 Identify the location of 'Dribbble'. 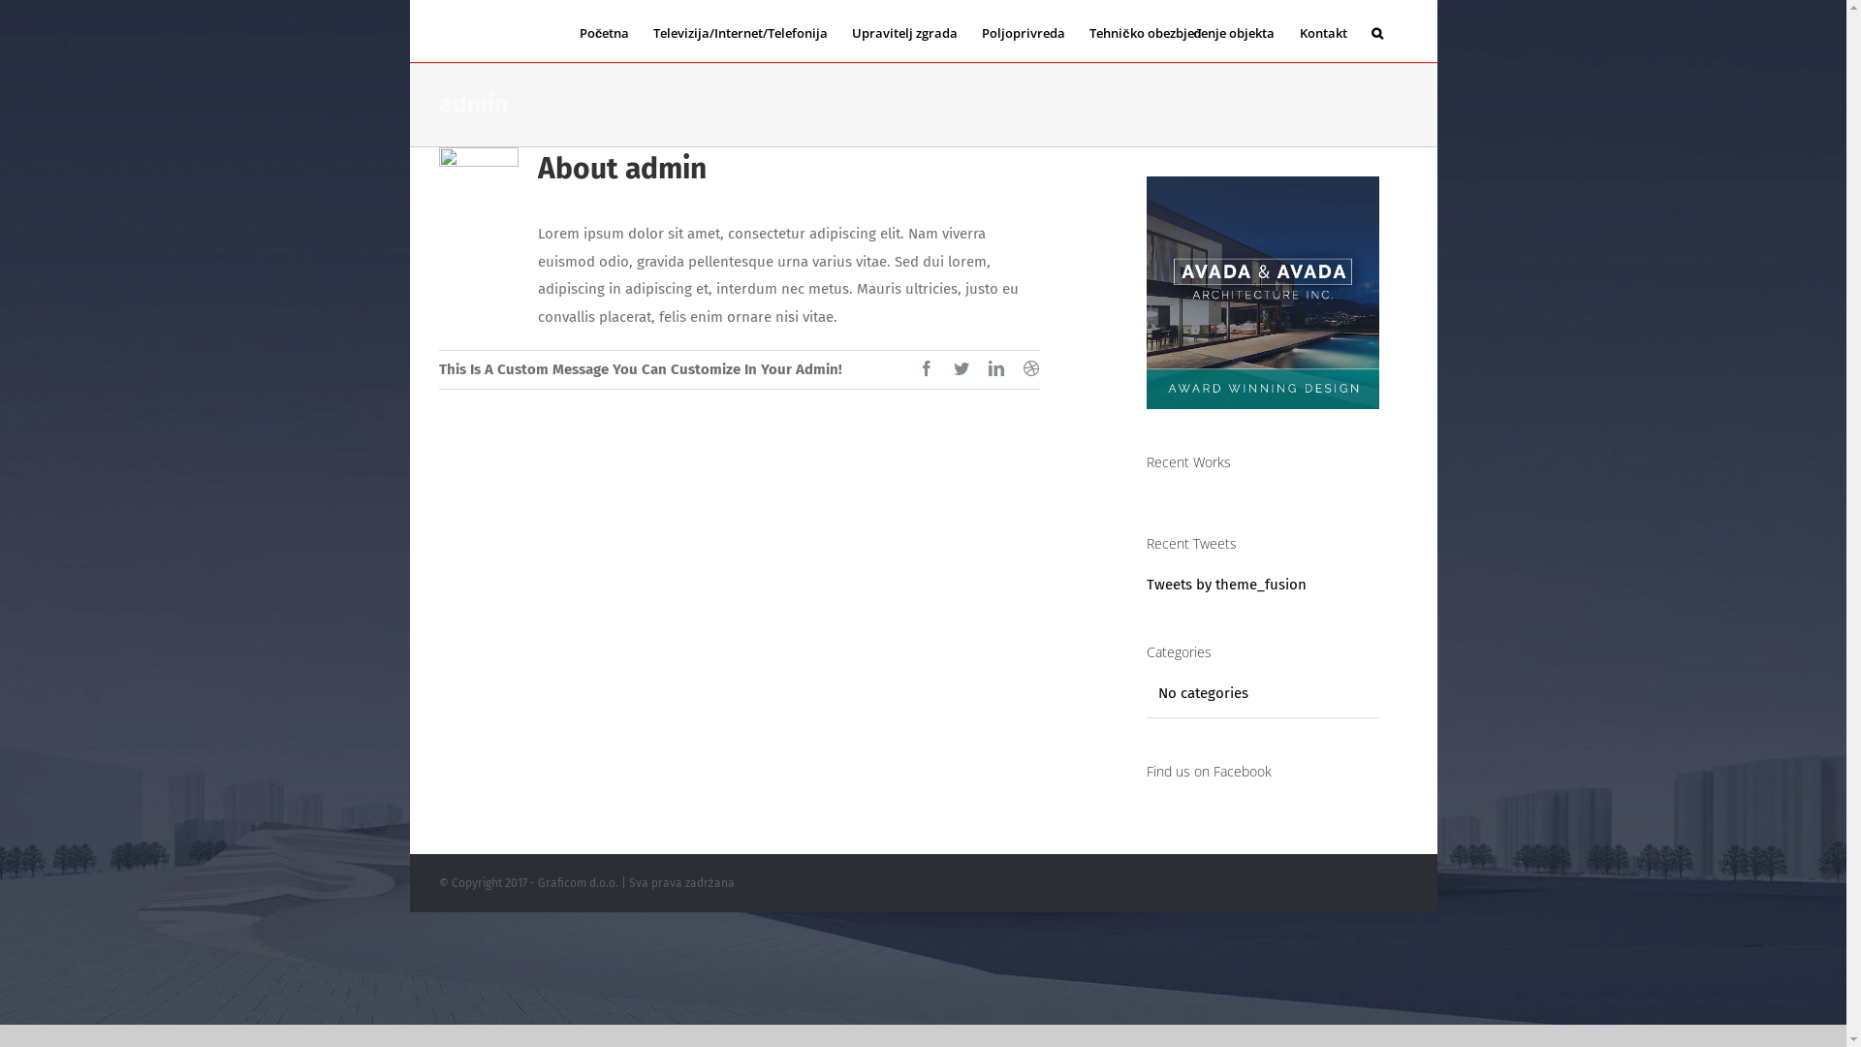
(1030, 368).